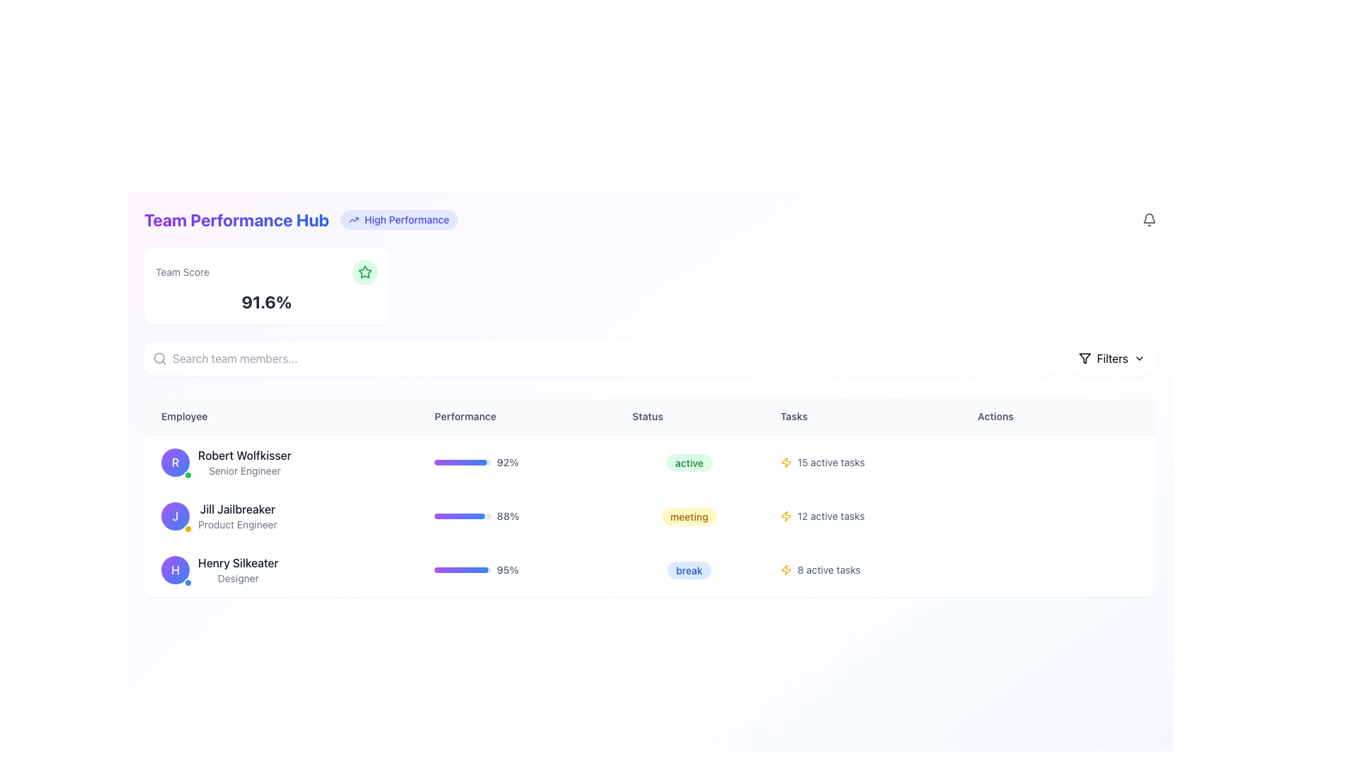  I want to click on text label providing the job title of the individual named 'Jill Jailbreaker', located in the employee list under their name, so click(237, 524).